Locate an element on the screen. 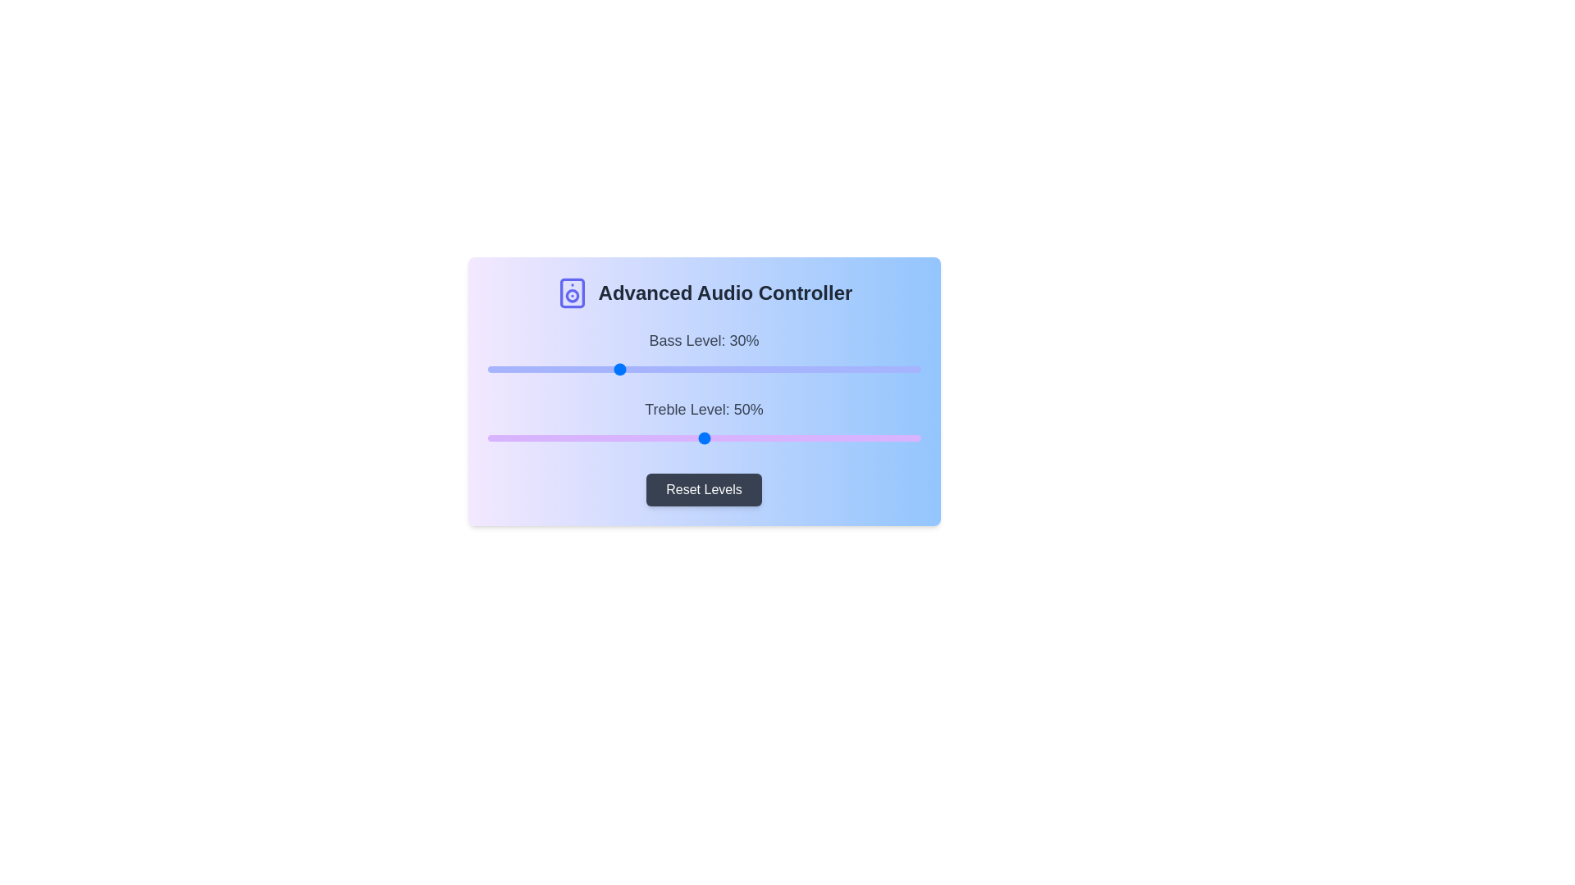 The width and height of the screenshot is (1575, 885). the bass level slider to 1% is located at coordinates (491, 370).